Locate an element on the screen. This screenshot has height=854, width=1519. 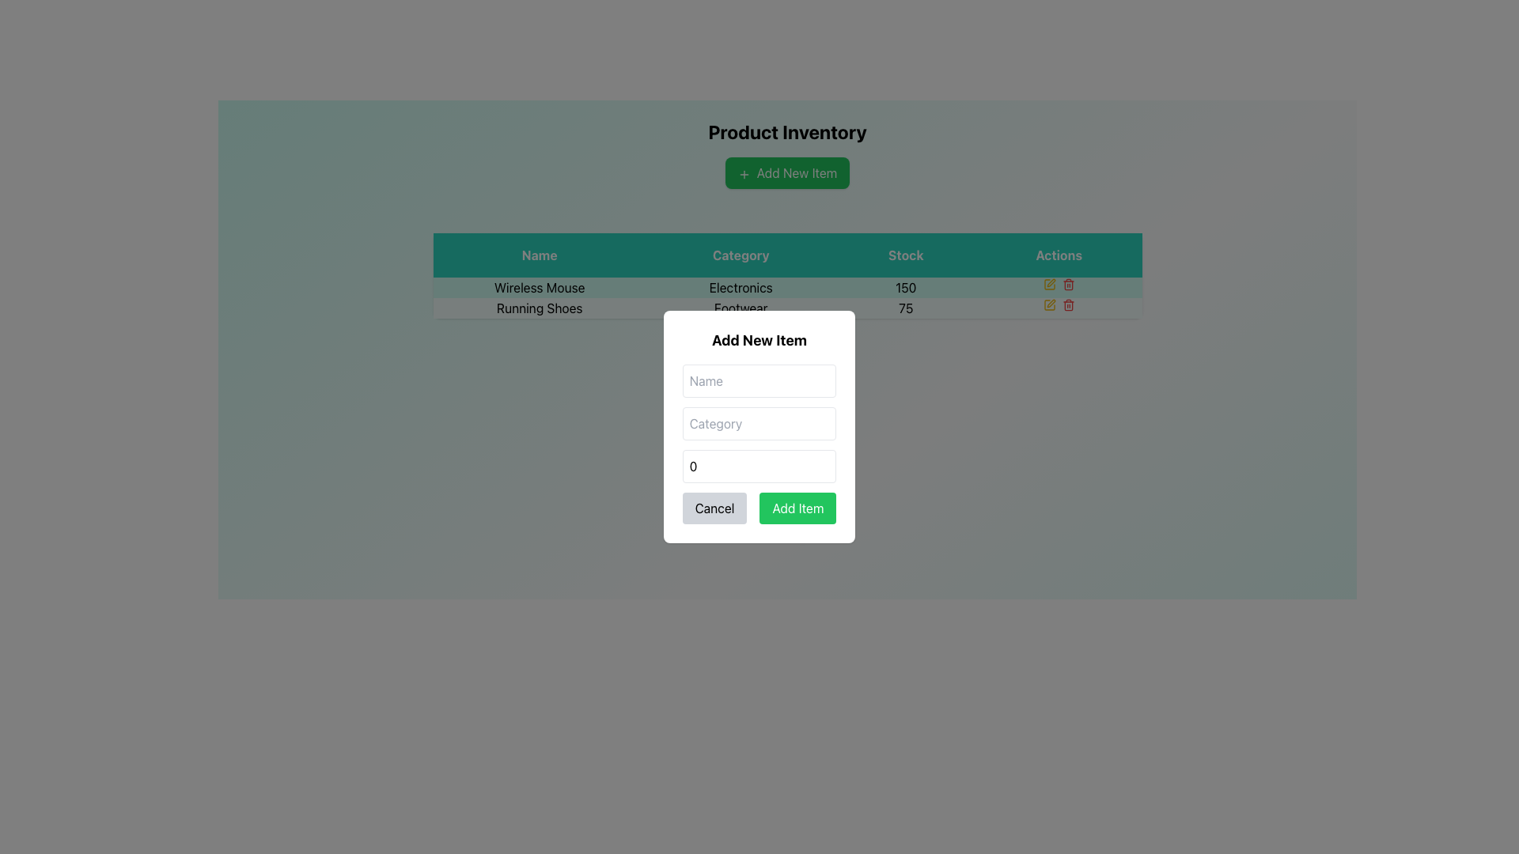
the yellow pen icon button located in the first row of the 'Actions' column is located at coordinates (1049, 283).